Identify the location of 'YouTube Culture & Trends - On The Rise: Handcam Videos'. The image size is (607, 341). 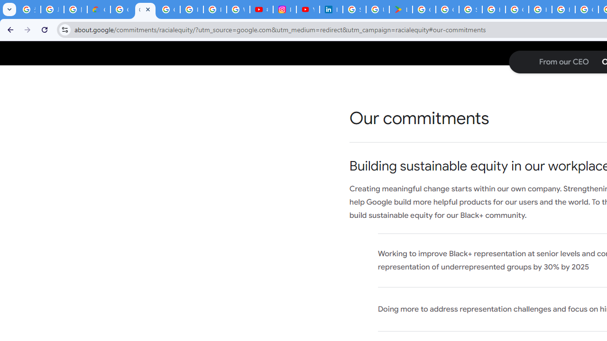
(308, 9).